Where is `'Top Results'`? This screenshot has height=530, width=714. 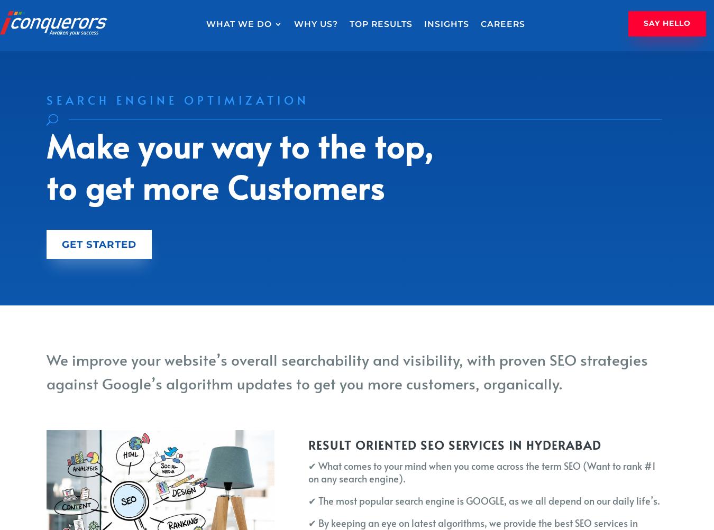
'Top Results' is located at coordinates (380, 24).